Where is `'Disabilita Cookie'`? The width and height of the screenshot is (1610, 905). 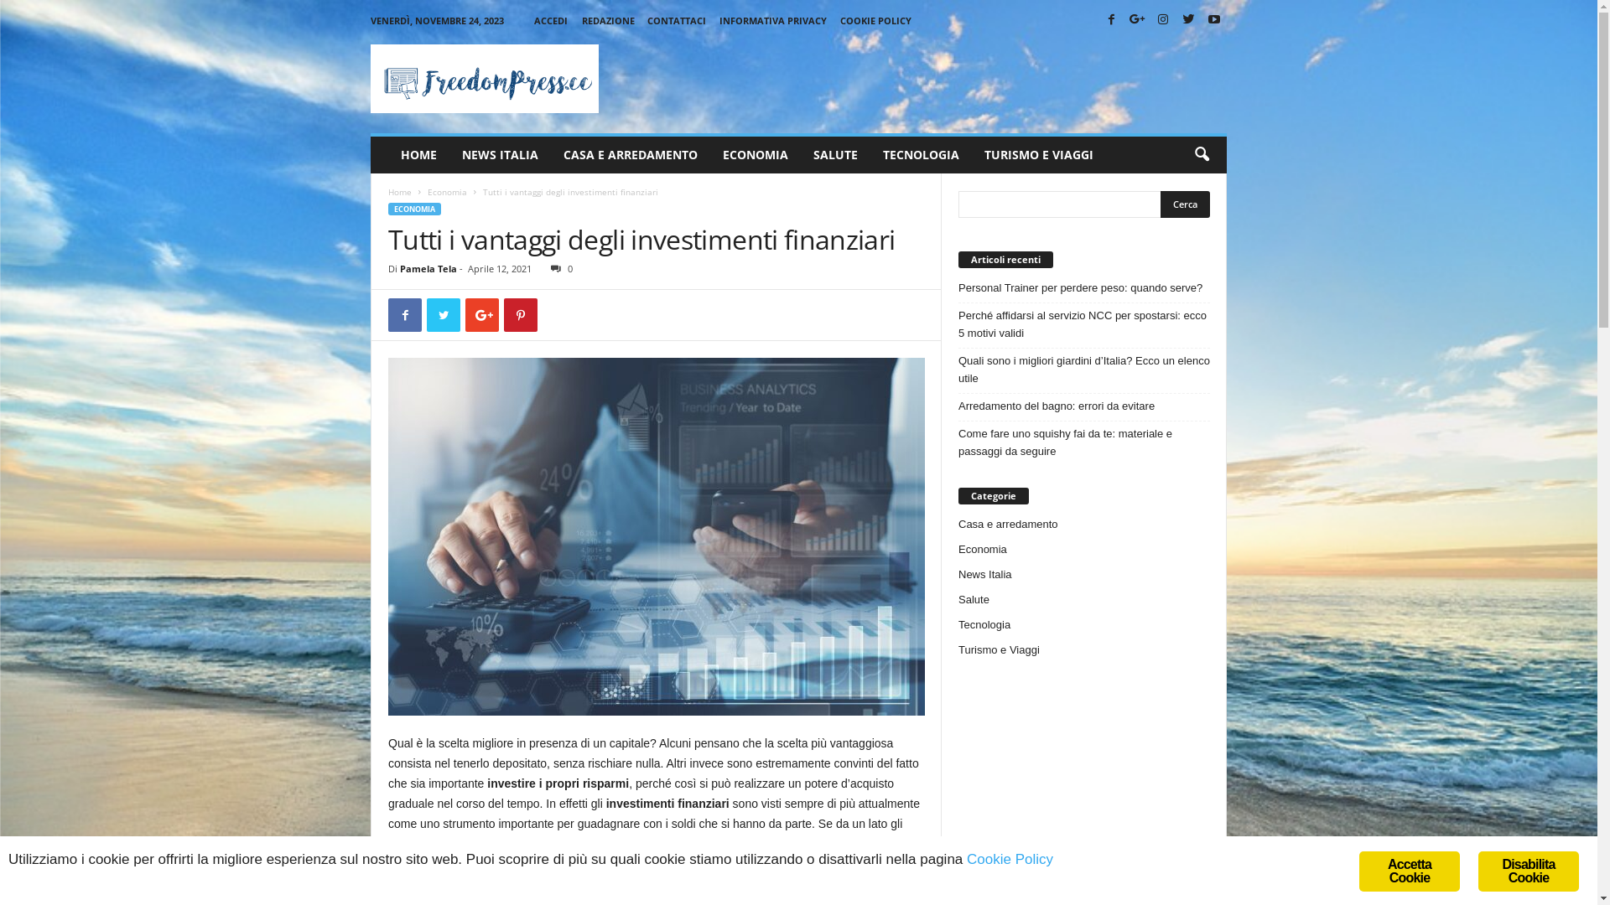
'Disabilita Cookie' is located at coordinates (1529, 871).